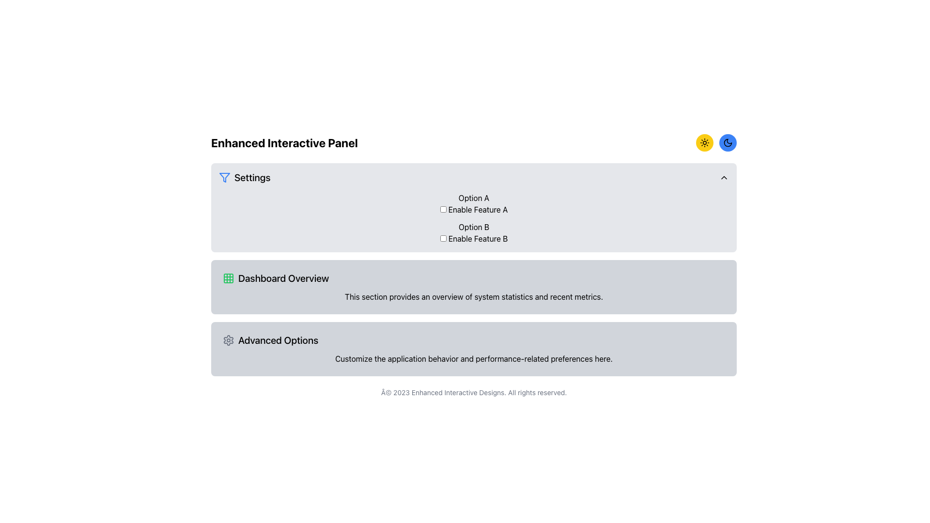  Describe the element at coordinates (228, 278) in the screenshot. I see `the small square with rounded corners and a green background, which is the central square in a 3x3 grid layout near the top-right corner of the interface` at that location.